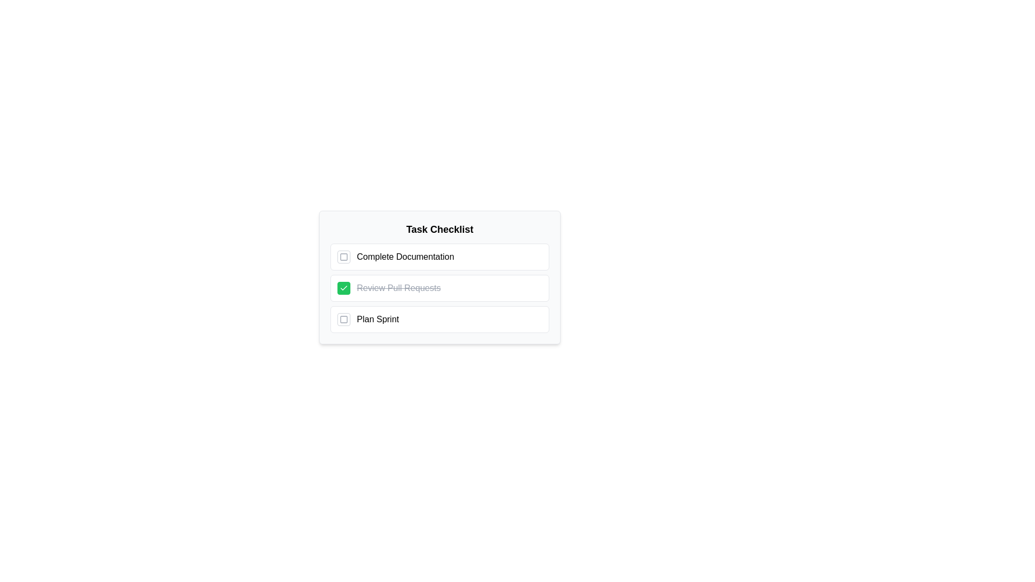 The image size is (1035, 582). Describe the element at coordinates (343, 257) in the screenshot. I see `the checkbox beside the 'Complete Documentation' text item in the checklist to mark it as selected` at that location.